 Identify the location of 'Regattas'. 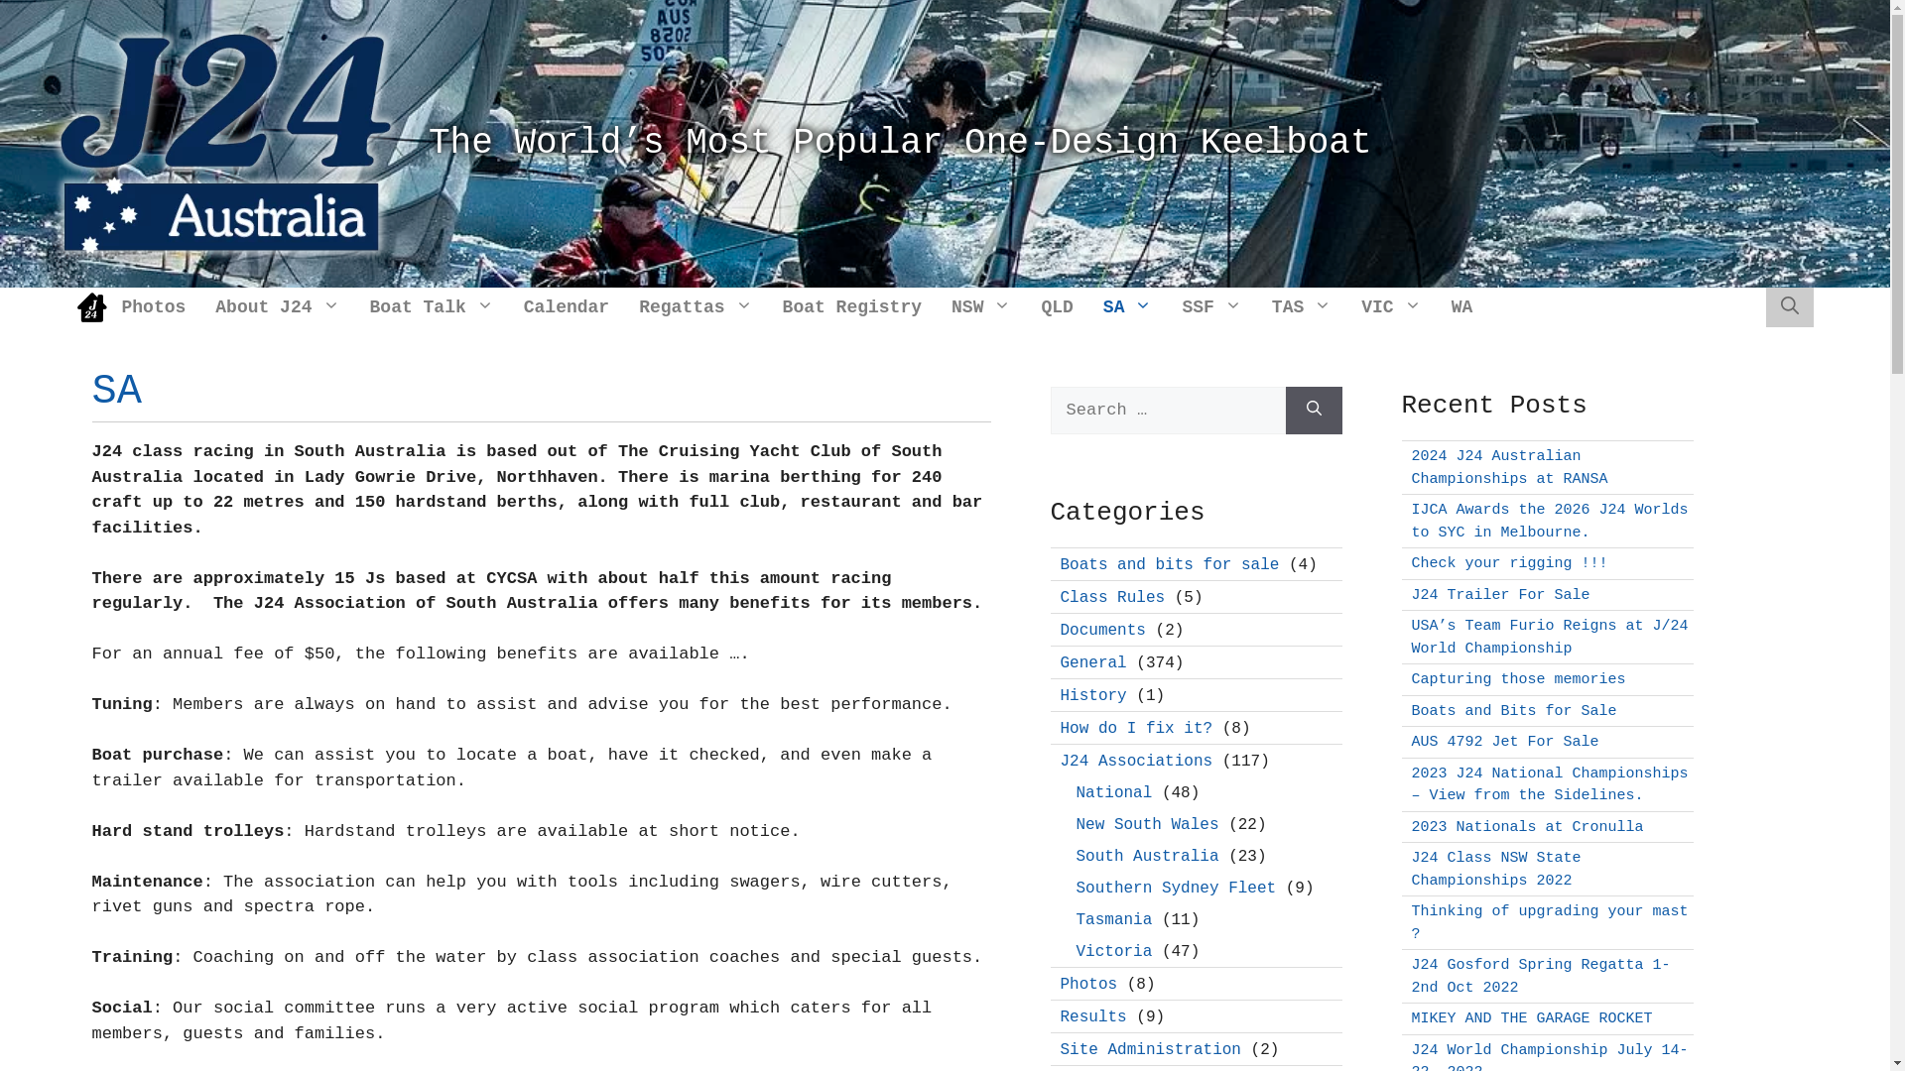
(695, 306).